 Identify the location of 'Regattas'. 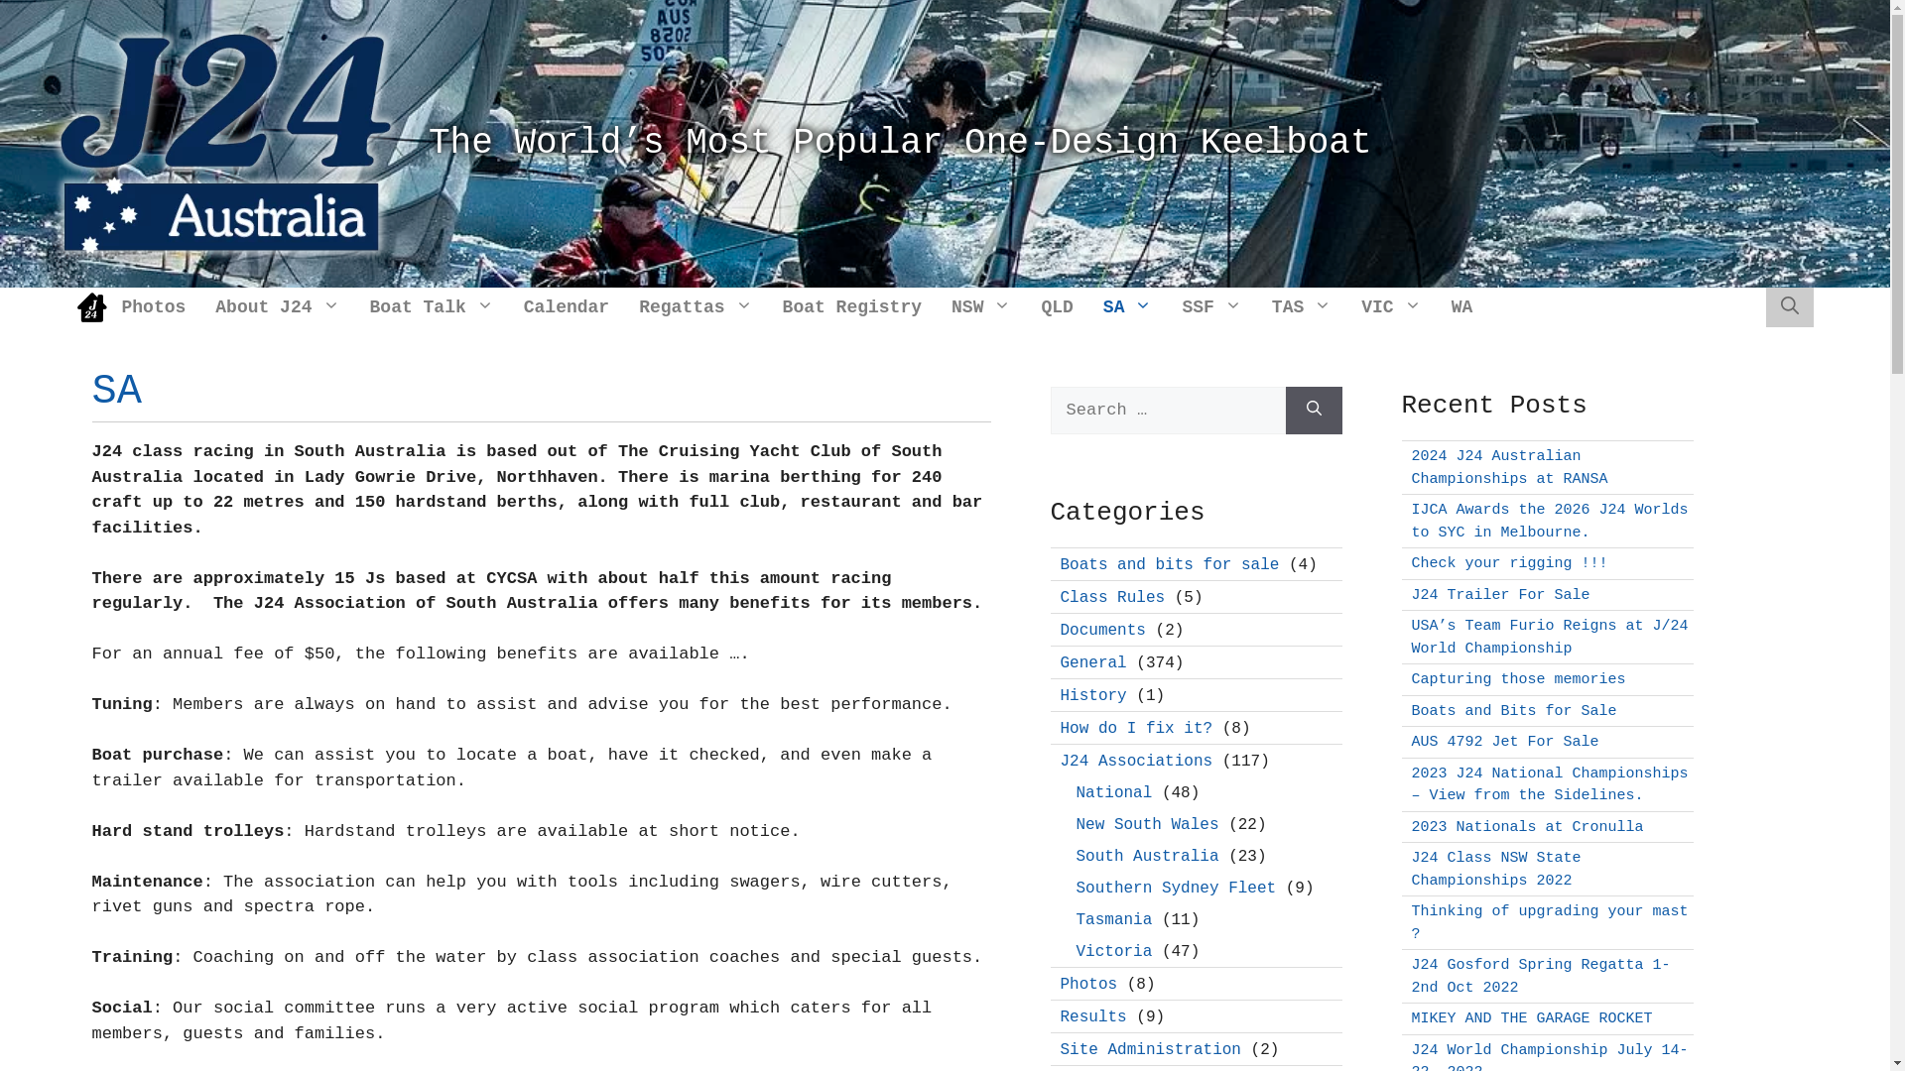
(695, 306).